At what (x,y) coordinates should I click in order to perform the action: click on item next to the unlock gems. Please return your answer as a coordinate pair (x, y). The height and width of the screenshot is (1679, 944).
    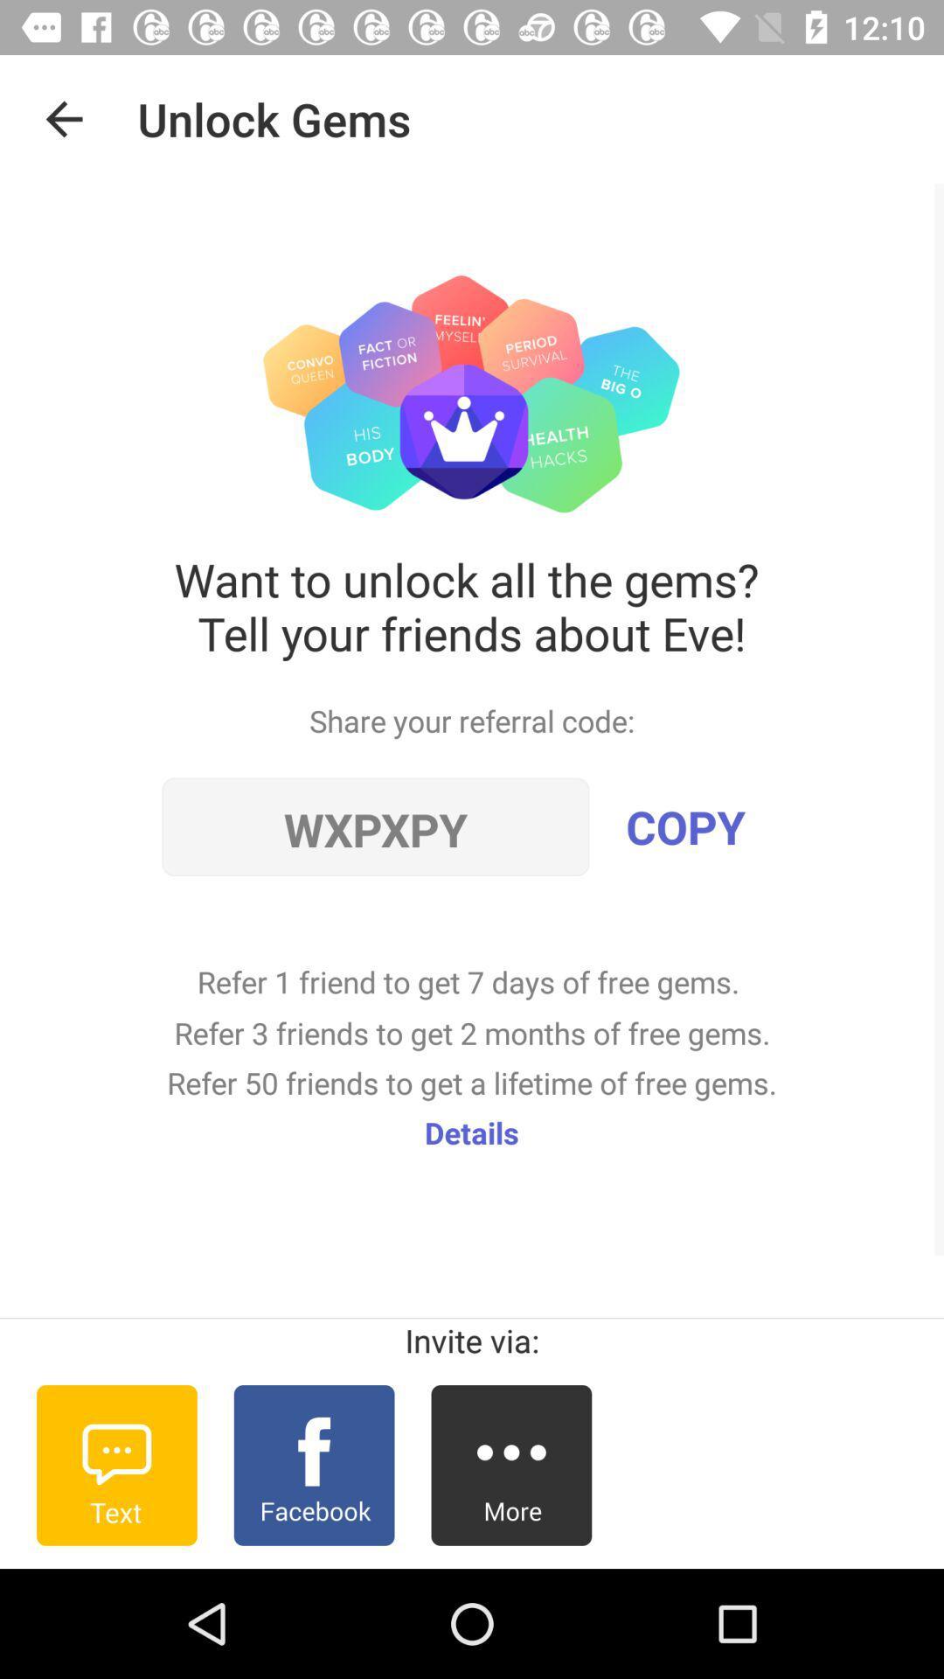
    Looking at the image, I should click on (63, 118).